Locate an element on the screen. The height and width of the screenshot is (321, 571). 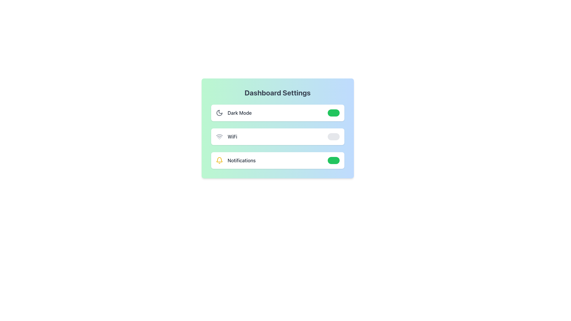
the Notifications icon, which is the visual representation located to the left of the text 'Notifications' in the settings menu is located at coordinates (219, 160).